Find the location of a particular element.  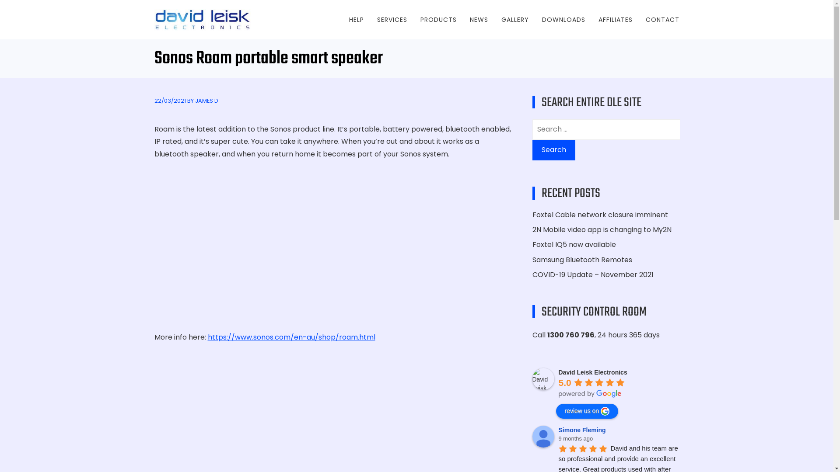

'NEWS' is located at coordinates (478, 20).